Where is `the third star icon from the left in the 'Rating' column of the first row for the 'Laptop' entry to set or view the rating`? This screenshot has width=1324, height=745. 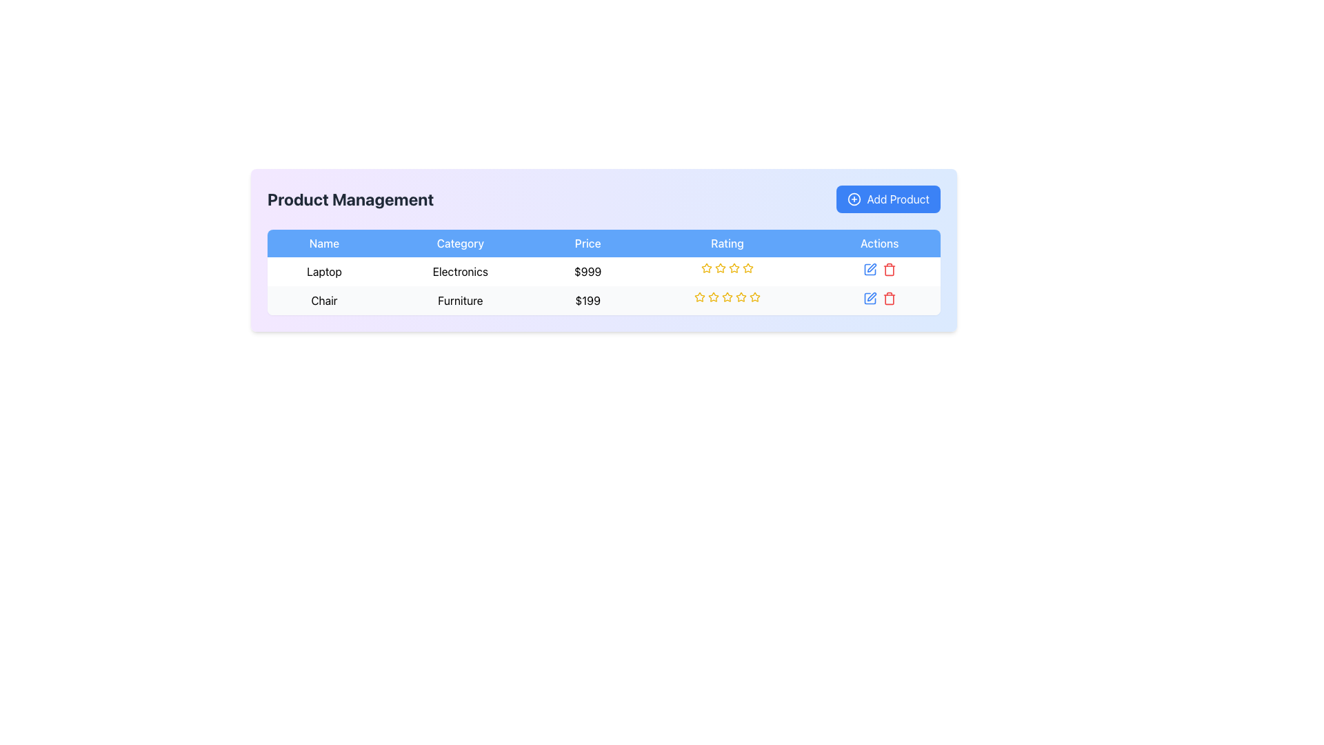
the third star icon from the left in the 'Rating' column of the first row for the 'Laptop' entry to set or view the rating is located at coordinates (720, 268).